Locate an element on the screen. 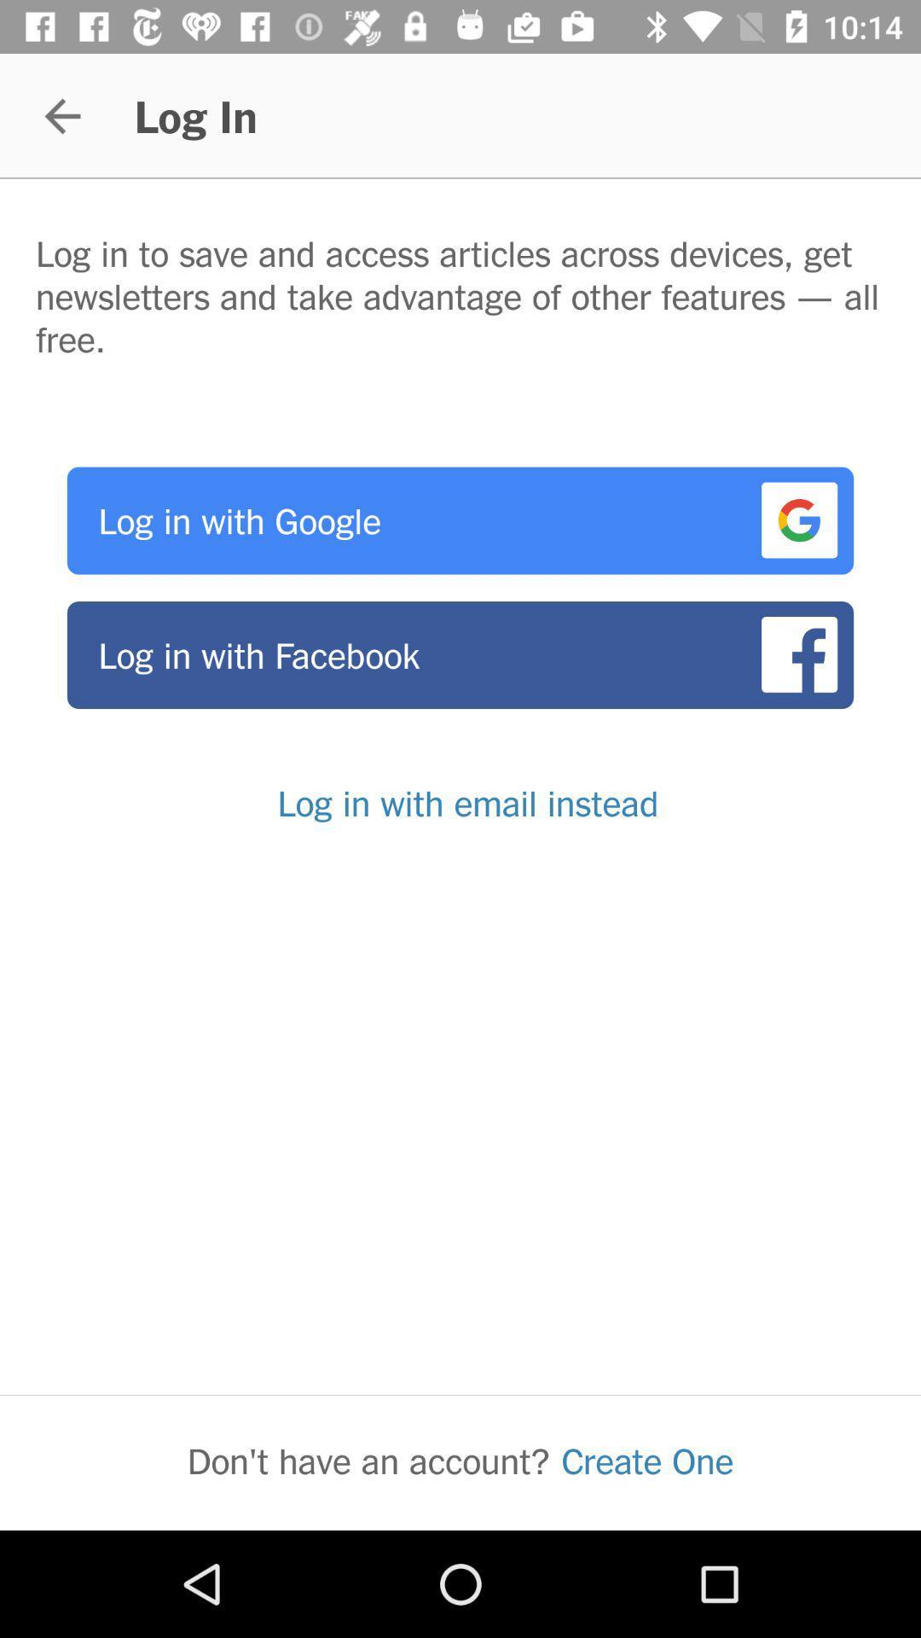  the create one is located at coordinates (647, 1460).